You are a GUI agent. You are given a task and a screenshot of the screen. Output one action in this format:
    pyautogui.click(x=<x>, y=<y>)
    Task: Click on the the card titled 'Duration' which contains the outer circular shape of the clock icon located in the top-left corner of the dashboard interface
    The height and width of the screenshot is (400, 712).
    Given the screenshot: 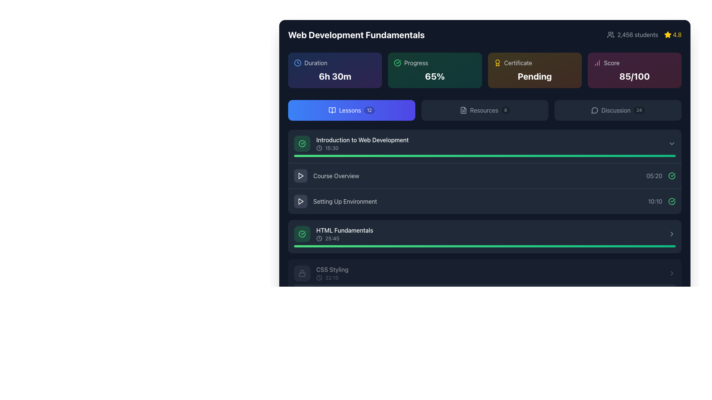 What is the action you would take?
    pyautogui.click(x=297, y=62)
    